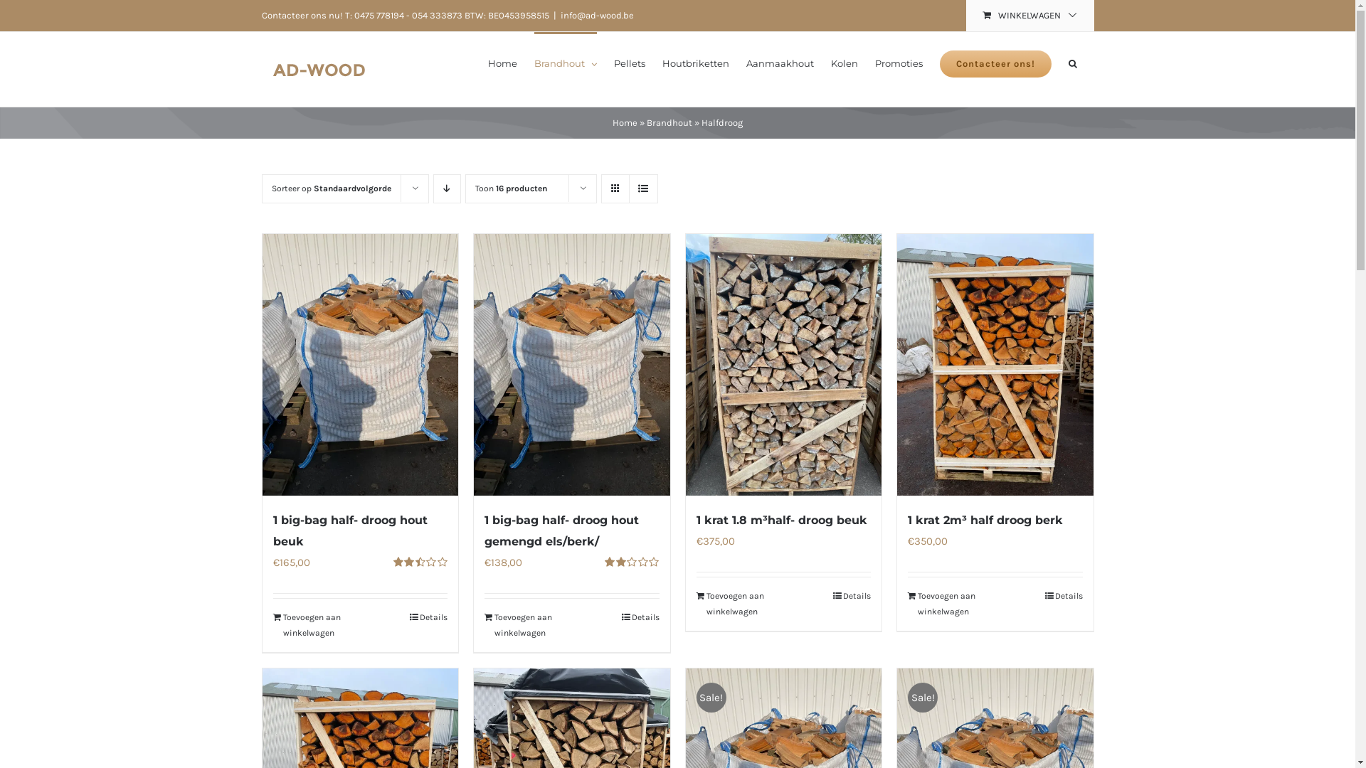 The image size is (1366, 768). What do you see at coordinates (350, 530) in the screenshot?
I see `'1 big-bag half- droog hout beuk'` at bounding box center [350, 530].